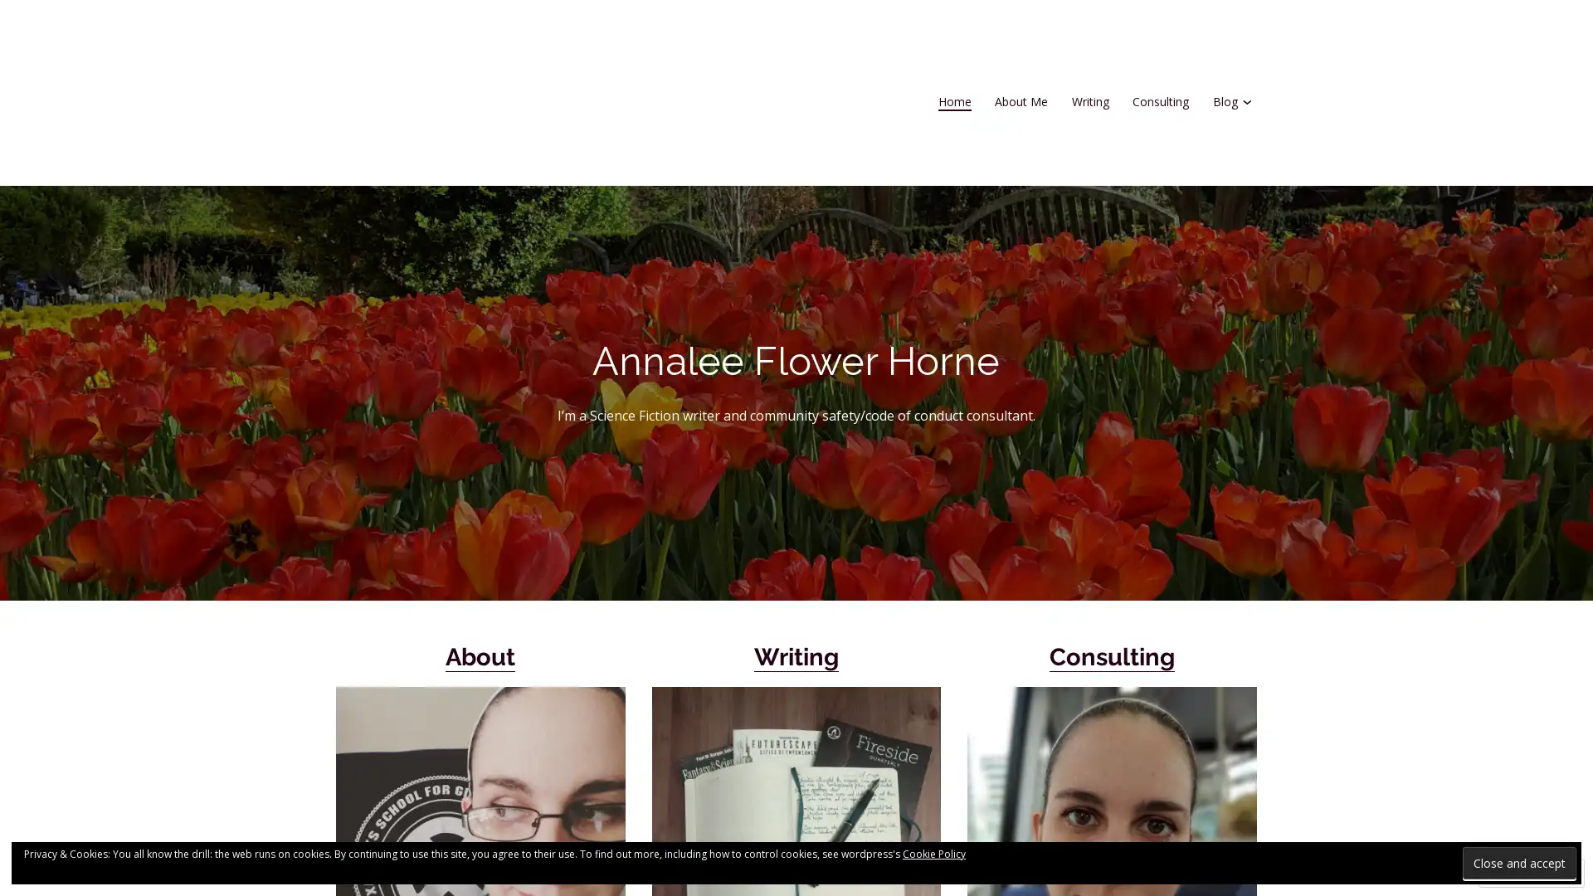 The height and width of the screenshot is (896, 1593). I want to click on Close and accept, so click(1519, 862).